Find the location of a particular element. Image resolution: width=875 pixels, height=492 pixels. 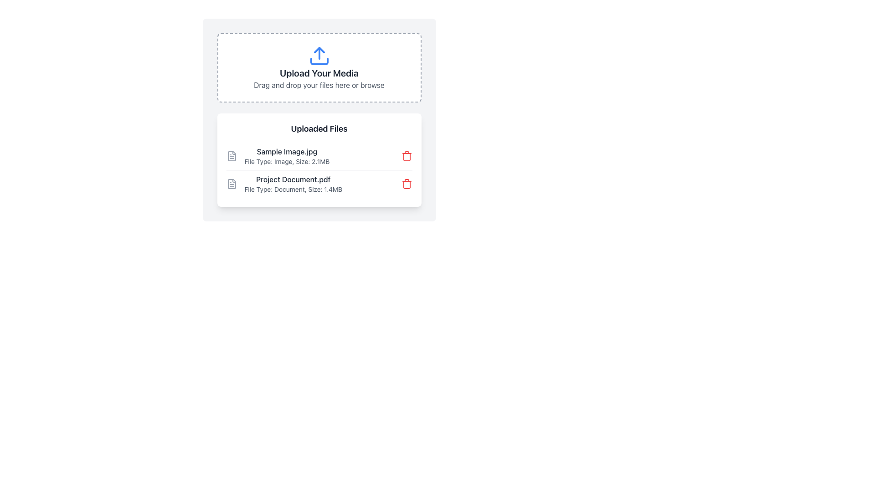

the metadata text element that displays the file type 'Document' and size '1.4MB', which is located below the file name 'Project Document.pdf' is located at coordinates (293, 189).